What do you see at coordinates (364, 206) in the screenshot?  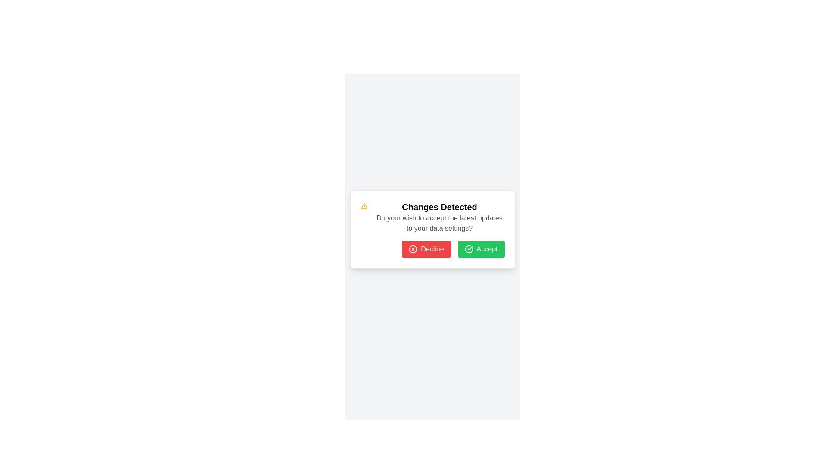 I see `the triangular warning icon with a bold yellow outline, located beside the 'Changes Detected' title text in the upper-left part of the dialog box` at bounding box center [364, 206].